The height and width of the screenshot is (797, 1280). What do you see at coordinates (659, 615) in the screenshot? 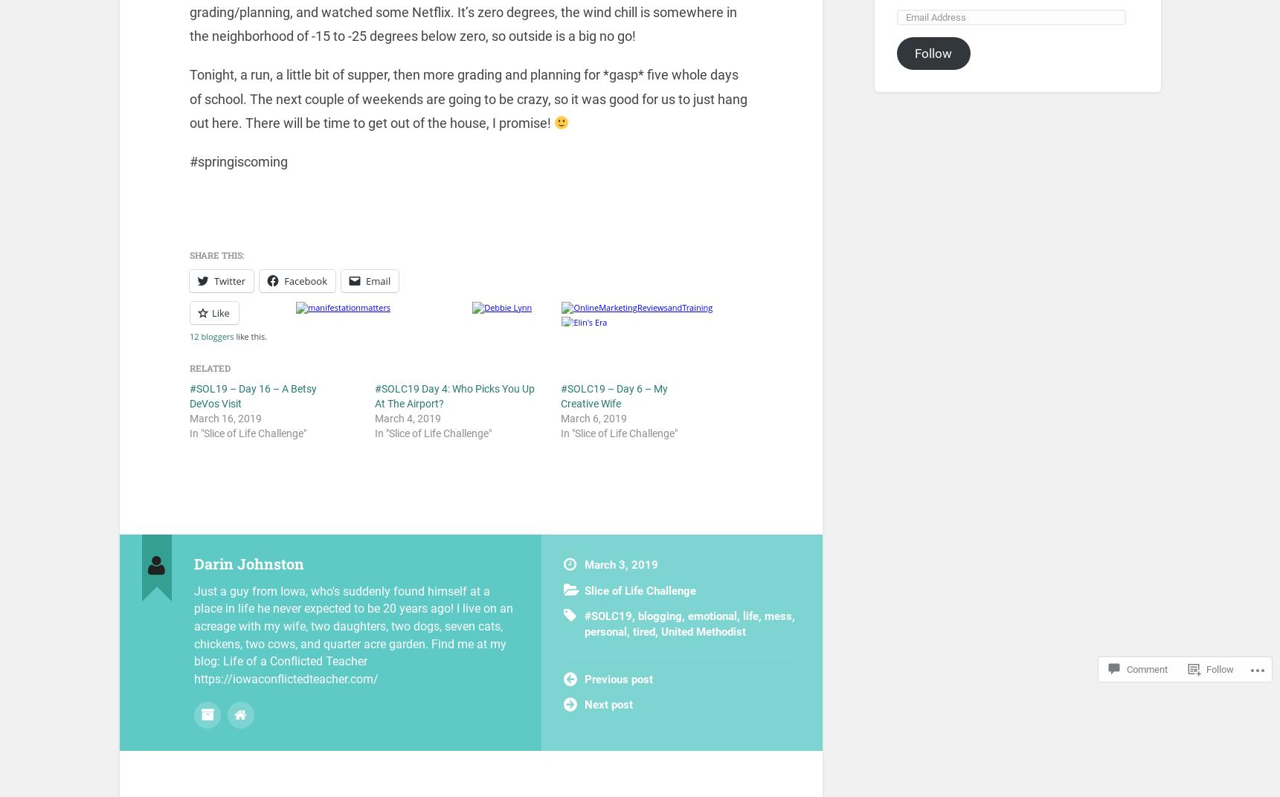
I see `'blogging'` at bounding box center [659, 615].